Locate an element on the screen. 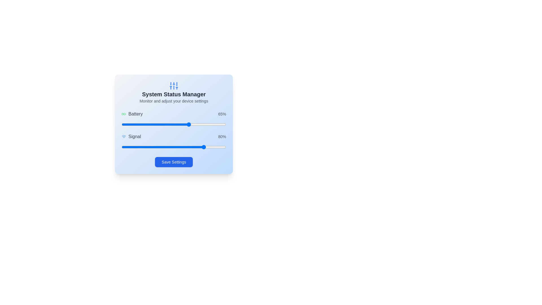 This screenshot has height=305, width=542. the battery level to 63% using the slider is located at coordinates (187, 124).